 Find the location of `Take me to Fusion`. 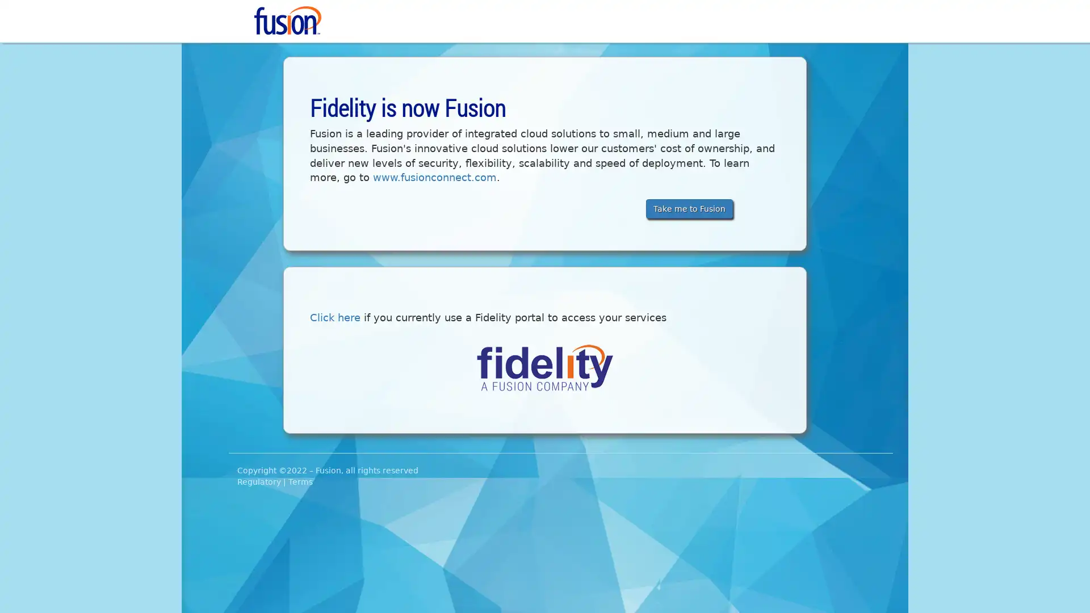

Take me to Fusion is located at coordinates (688, 208).